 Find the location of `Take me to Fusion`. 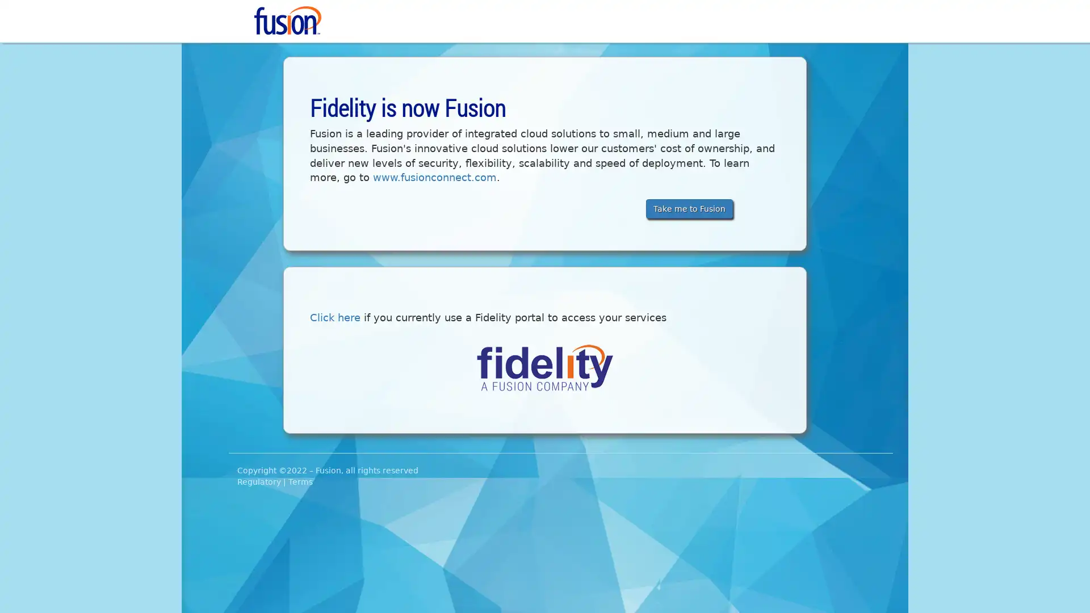

Take me to Fusion is located at coordinates (688, 208).